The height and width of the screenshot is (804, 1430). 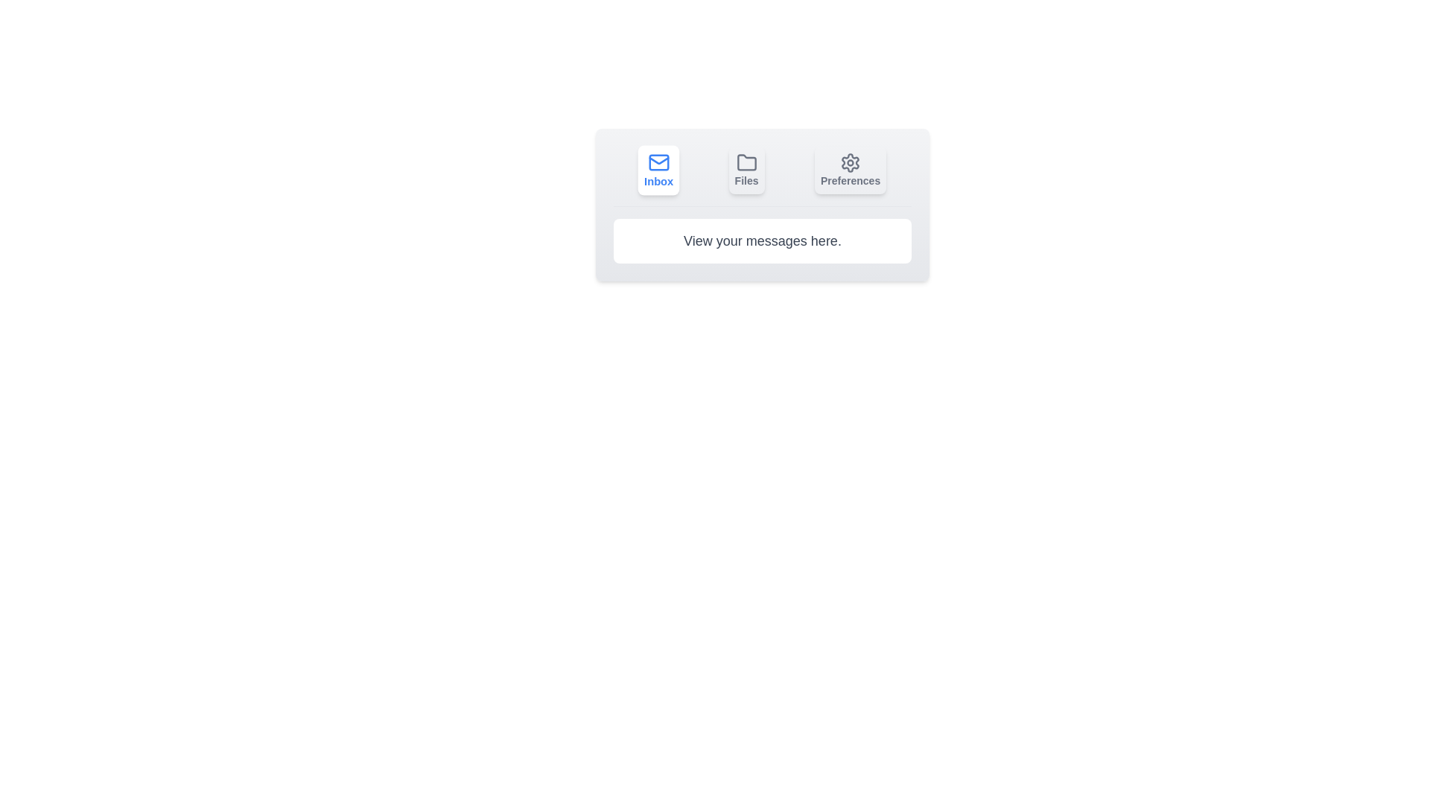 I want to click on the 'Inbox' button, which has a blue mail icon and bold blue text, so click(x=658, y=169).